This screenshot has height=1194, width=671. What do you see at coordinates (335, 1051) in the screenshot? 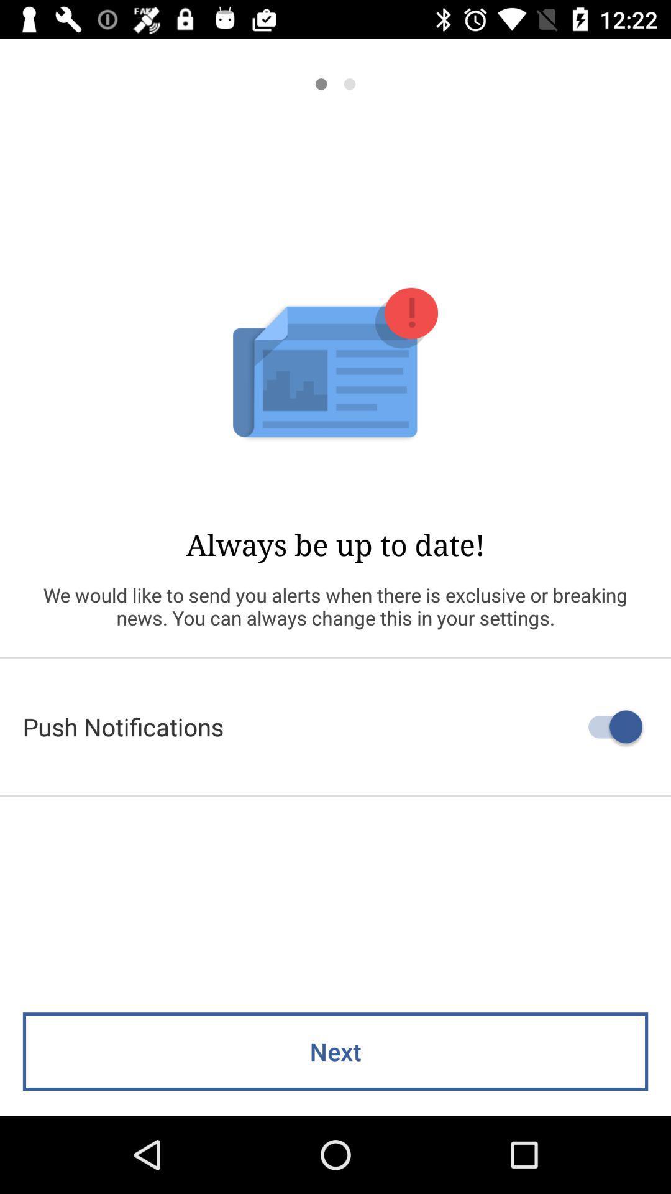
I see `next` at bounding box center [335, 1051].